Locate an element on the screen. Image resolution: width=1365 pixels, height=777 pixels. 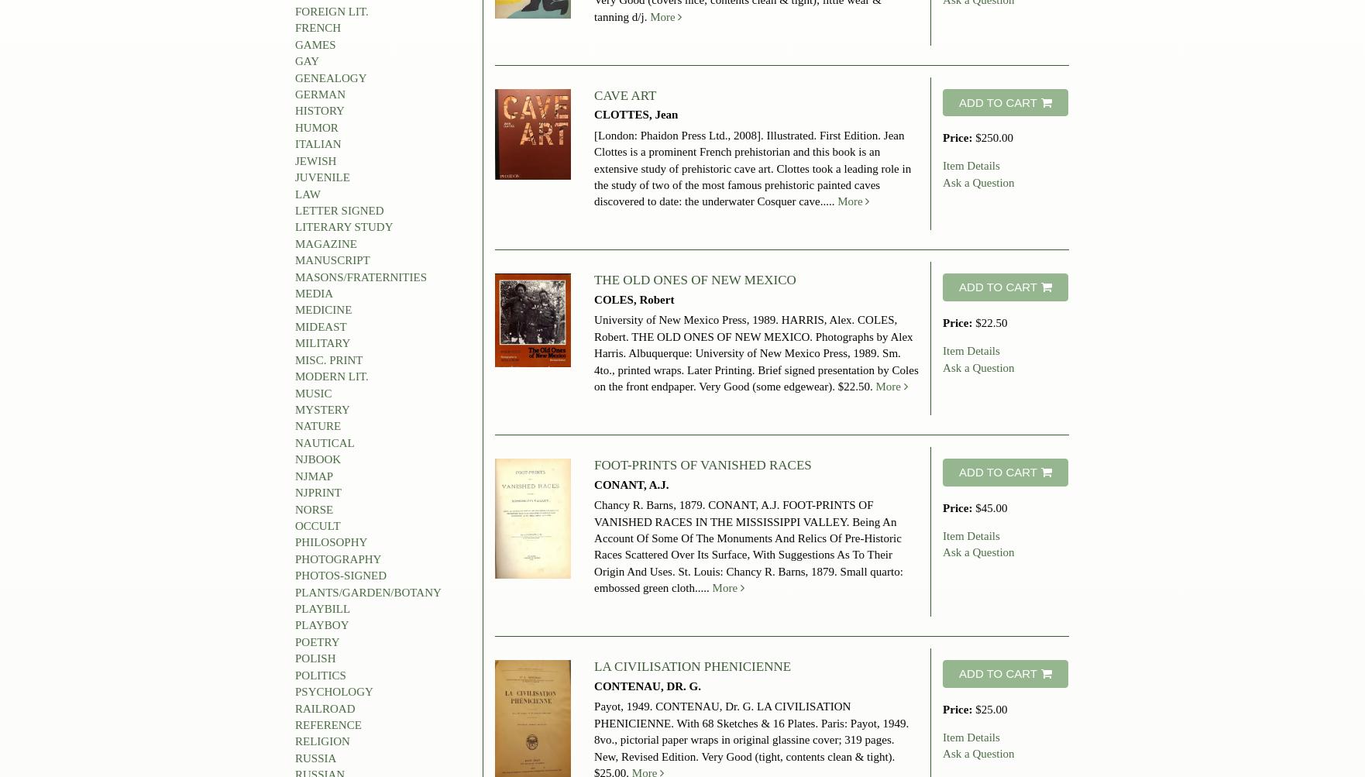
'THE OLD ONES OF NEW MEXICO' is located at coordinates (593, 279).